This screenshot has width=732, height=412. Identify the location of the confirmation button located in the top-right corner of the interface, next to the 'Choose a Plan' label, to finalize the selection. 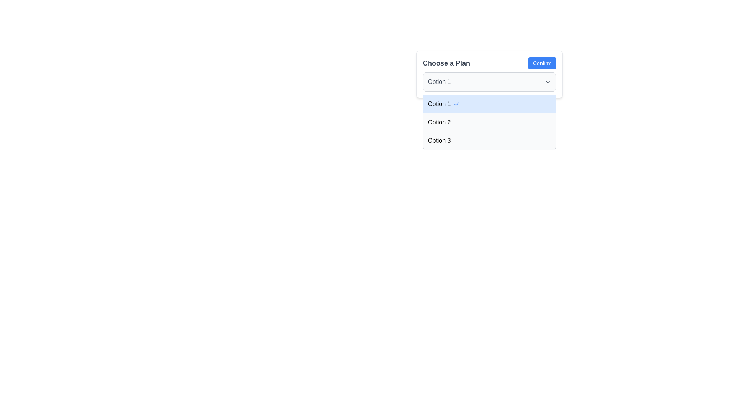
(542, 63).